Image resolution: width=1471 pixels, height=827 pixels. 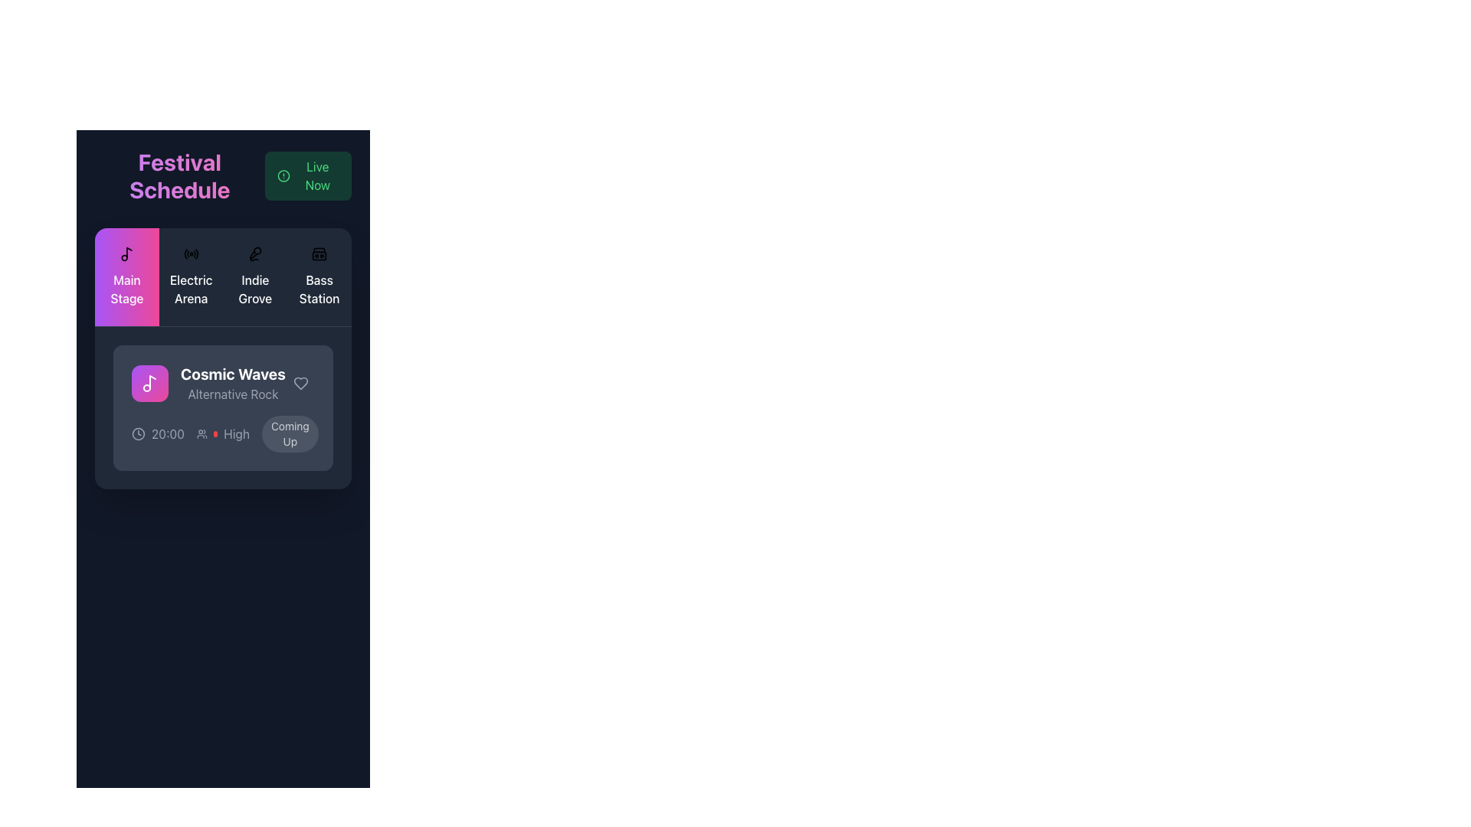 What do you see at coordinates (301, 383) in the screenshot?
I see `the heart-shaped button icon with an outlined design in gray, located at the far right of the card displaying 'Cosmic Waves' and 'Alternative Rock', to observe the hover effect` at bounding box center [301, 383].